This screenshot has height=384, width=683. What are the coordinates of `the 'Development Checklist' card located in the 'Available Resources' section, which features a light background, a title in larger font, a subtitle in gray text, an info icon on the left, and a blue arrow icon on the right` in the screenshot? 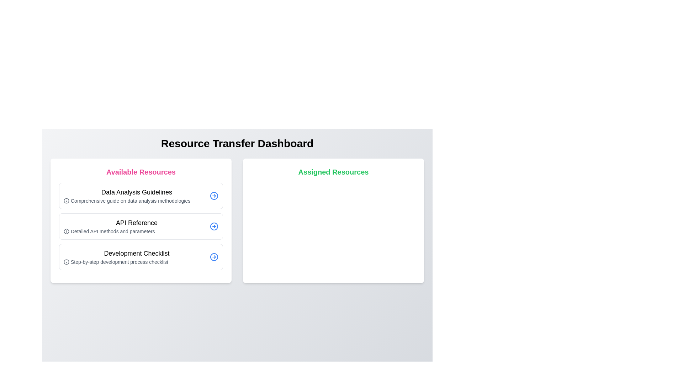 It's located at (141, 257).